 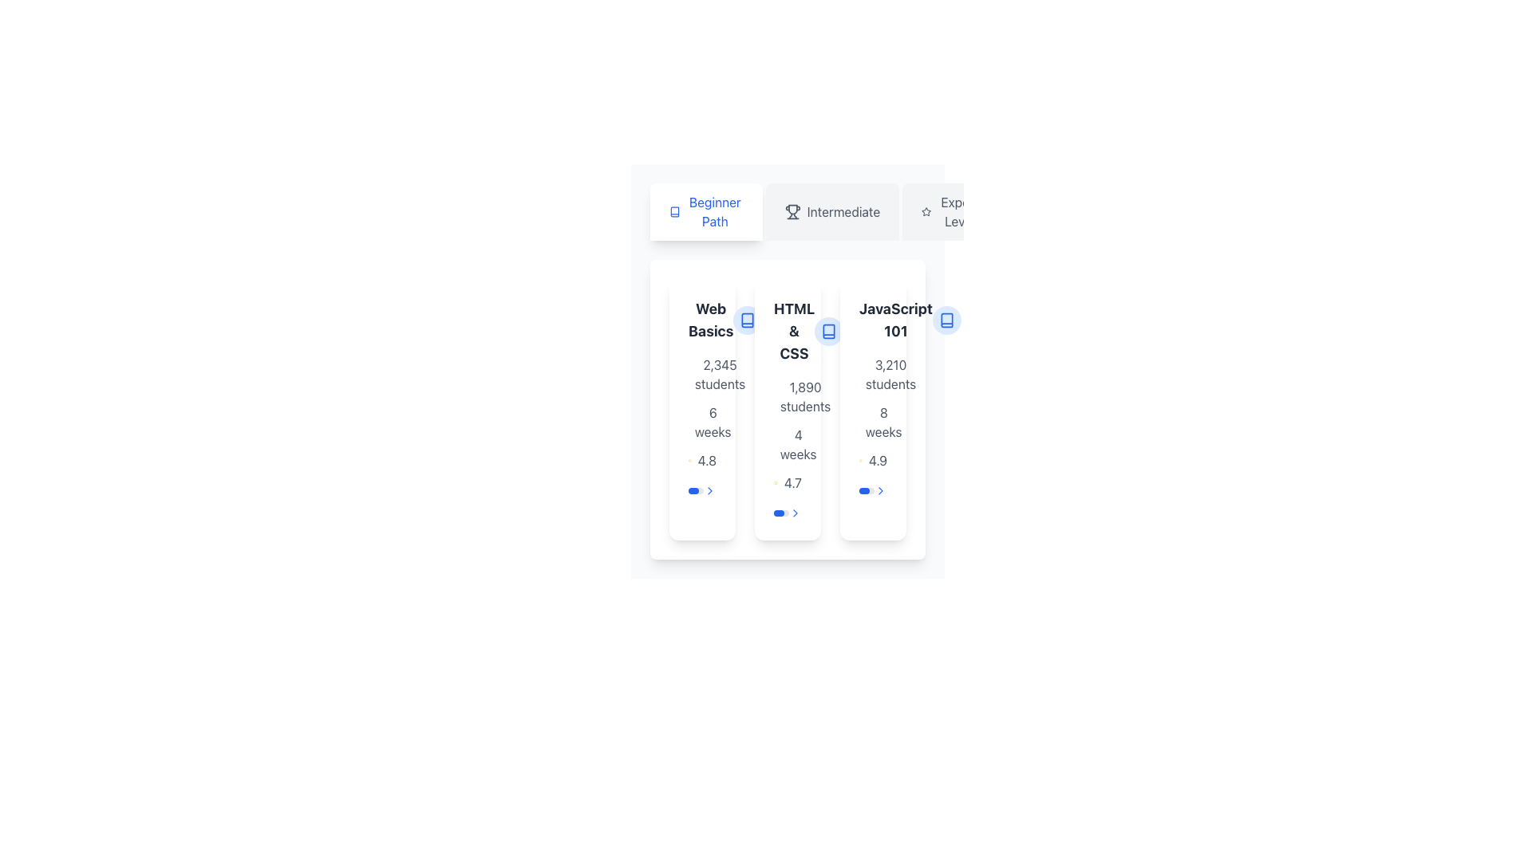 I want to click on the text label UI component displaying 'Intermediate', which is styled in a clean font and is located next to a trophy icon in the top section of the interface, so click(x=843, y=211).